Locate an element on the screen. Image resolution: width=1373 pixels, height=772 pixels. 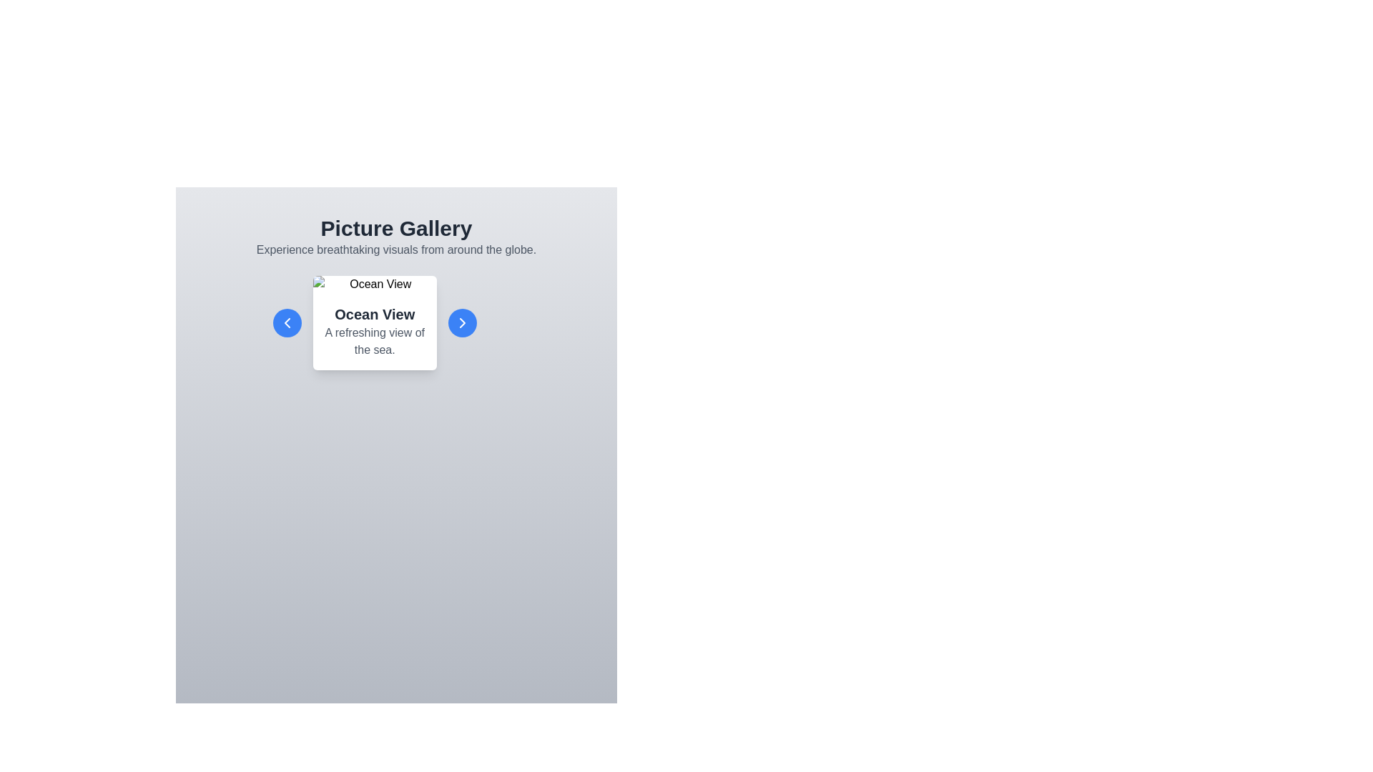
the informational panel displaying details about the 'Ocean View' visual, which is centered between the left-chevron and right-chevron buttons in the Picture Gallery is located at coordinates (396, 322).